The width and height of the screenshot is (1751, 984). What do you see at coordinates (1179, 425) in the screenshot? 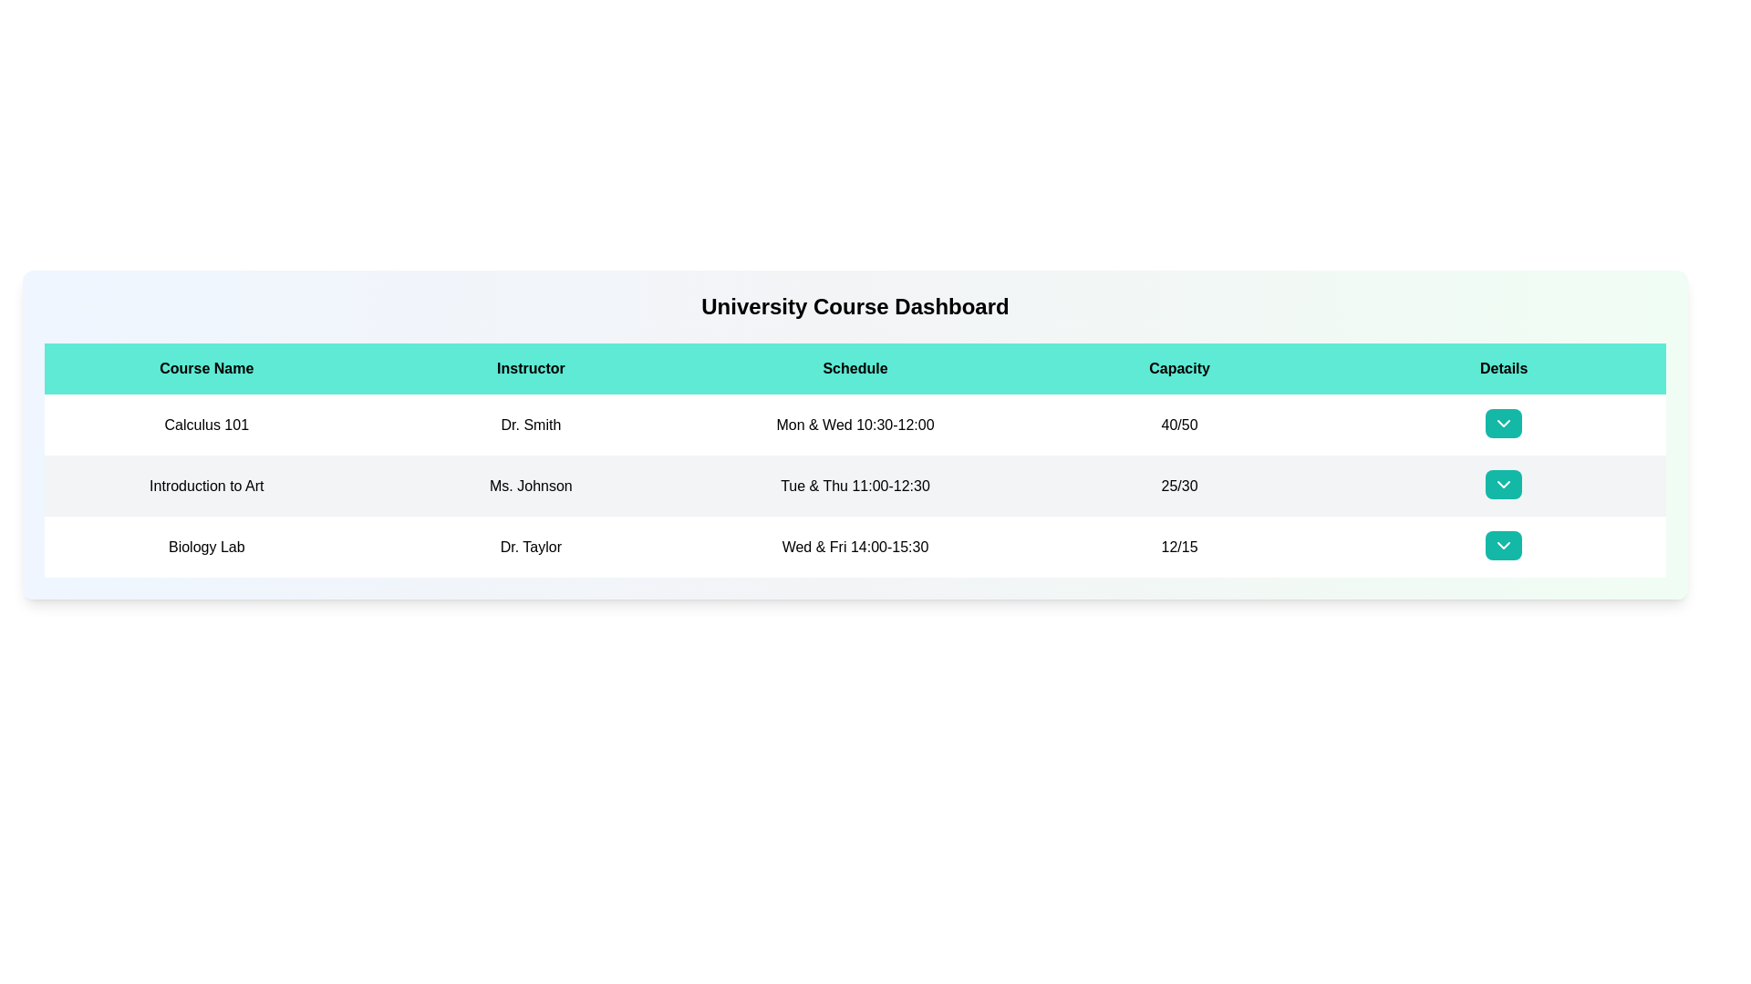
I see `the Text element displaying seat occupancy for 'Calculus 101', which shows that 40 out of 50 seats are occupied` at bounding box center [1179, 425].